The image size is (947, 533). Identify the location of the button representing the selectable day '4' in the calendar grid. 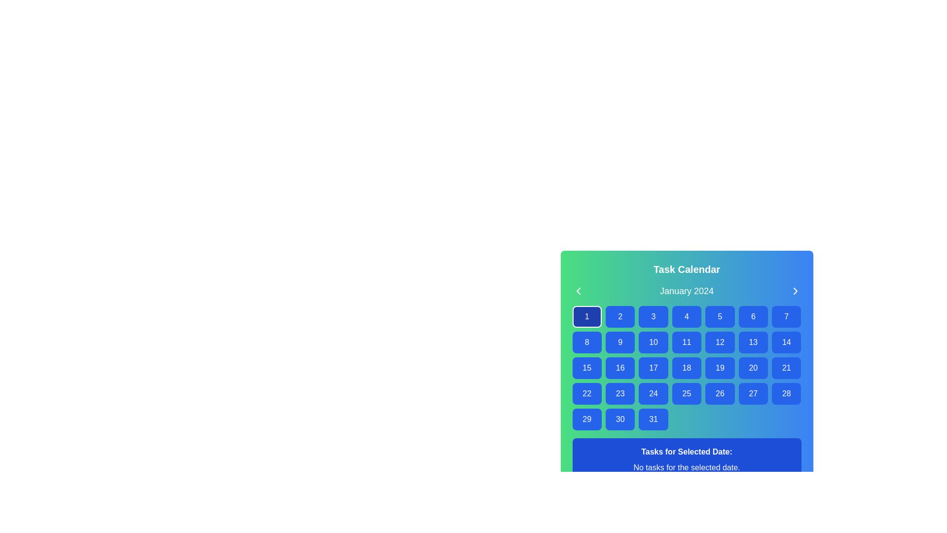
(686, 316).